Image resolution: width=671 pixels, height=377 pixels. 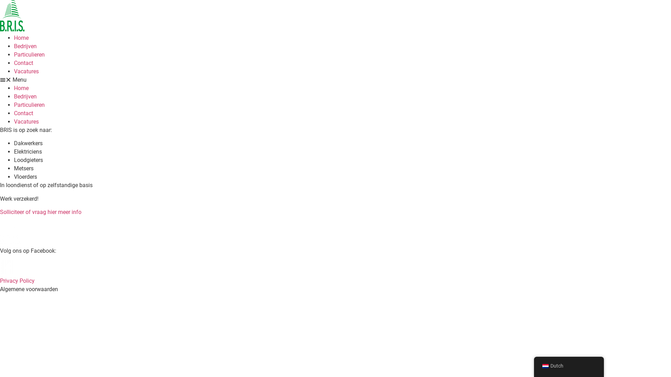 What do you see at coordinates (26, 121) in the screenshot?
I see `'Vacatures'` at bounding box center [26, 121].